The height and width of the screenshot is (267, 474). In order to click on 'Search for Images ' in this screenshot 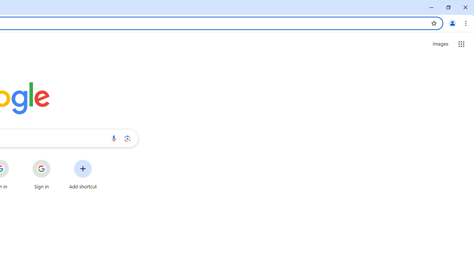, I will do `click(440, 44)`.